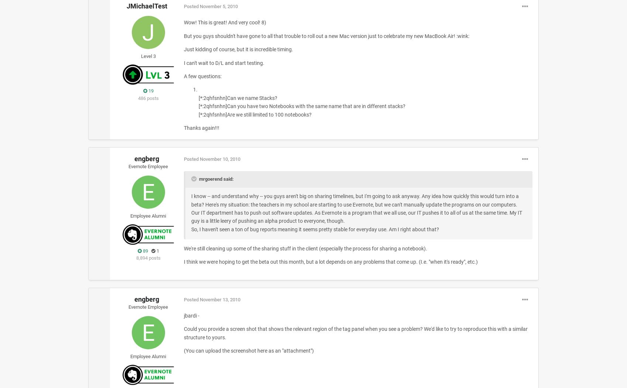  Describe the element at coordinates (201, 127) in the screenshot. I see `'Thanks again!!!'` at that location.